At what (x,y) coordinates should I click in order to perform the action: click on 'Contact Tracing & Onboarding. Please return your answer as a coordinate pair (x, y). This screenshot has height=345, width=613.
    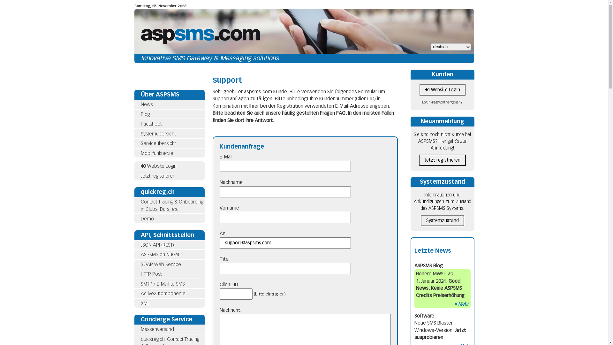
    Looking at the image, I should click on (171, 205).